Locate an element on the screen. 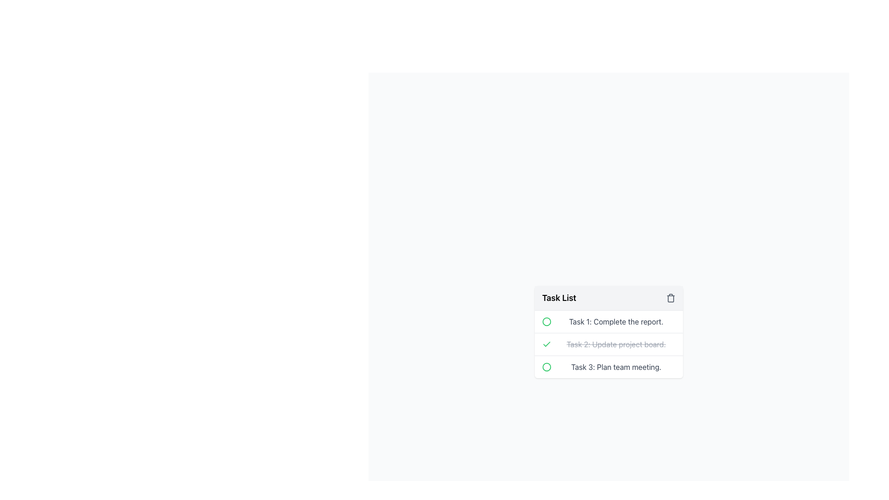 This screenshot has width=889, height=500. text content of the bold text label 'Task List' located at the center-left of the header section of the task management panel is located at coordinates (558, 298).